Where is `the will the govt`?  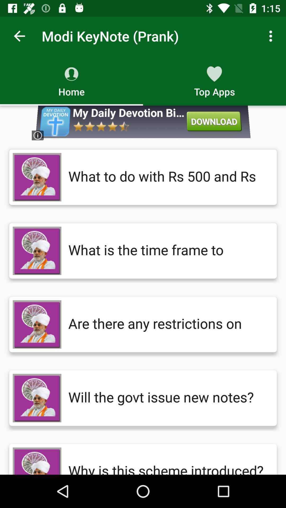
the will the govt is located at coordinates (167, 398).